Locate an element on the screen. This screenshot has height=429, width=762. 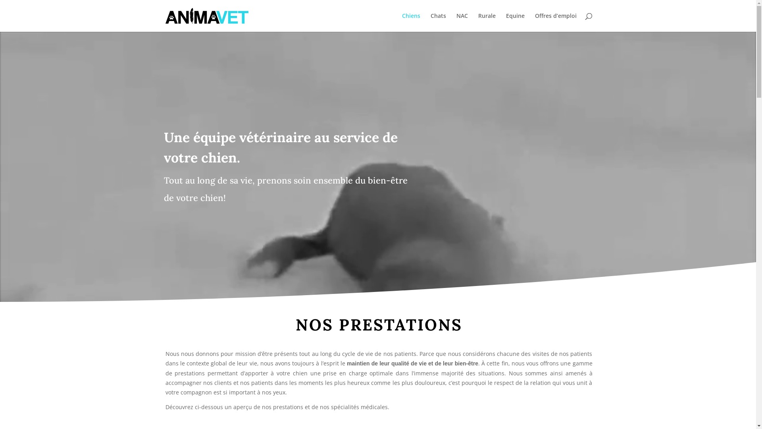
'Chats' is located at coordinates (437, 22).